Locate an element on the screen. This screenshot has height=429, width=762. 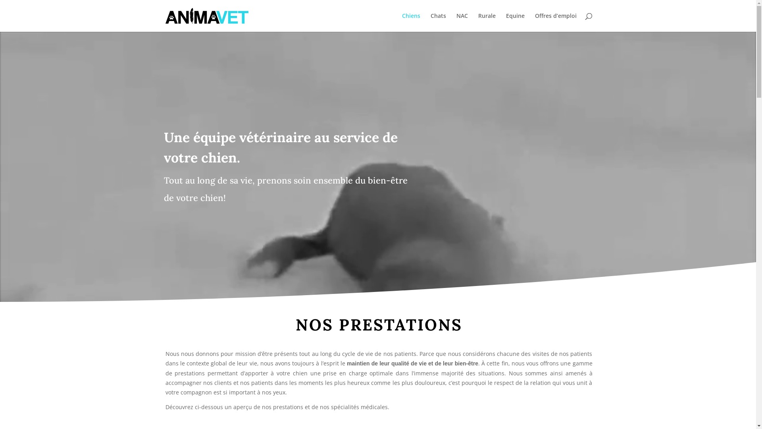
'Chats' is located at coordinates (437, 22).